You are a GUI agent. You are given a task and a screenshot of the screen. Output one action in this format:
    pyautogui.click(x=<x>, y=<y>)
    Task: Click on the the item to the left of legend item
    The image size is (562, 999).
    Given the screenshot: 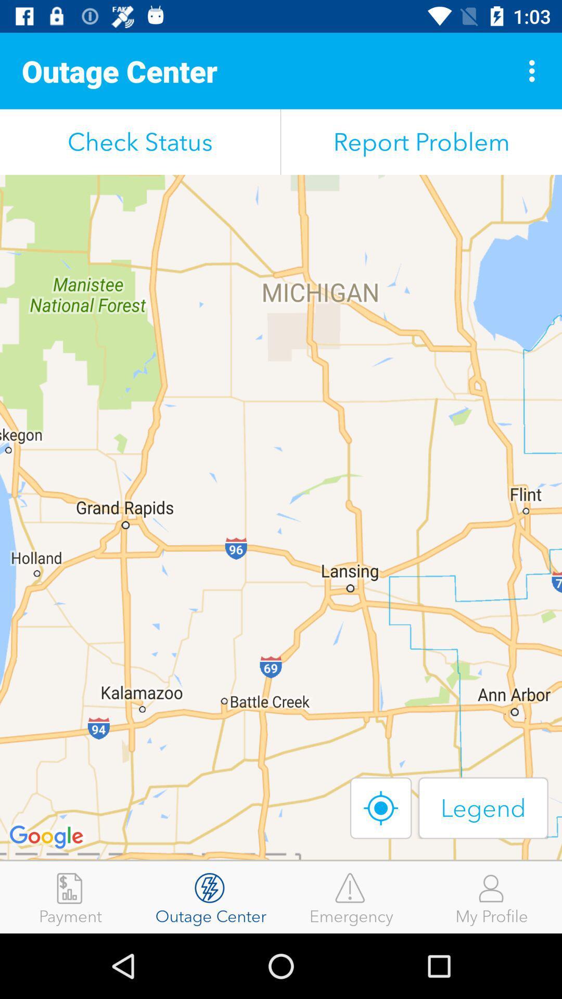 What is the action you would take?
    pyautogui.click(x=381, y=808)
    